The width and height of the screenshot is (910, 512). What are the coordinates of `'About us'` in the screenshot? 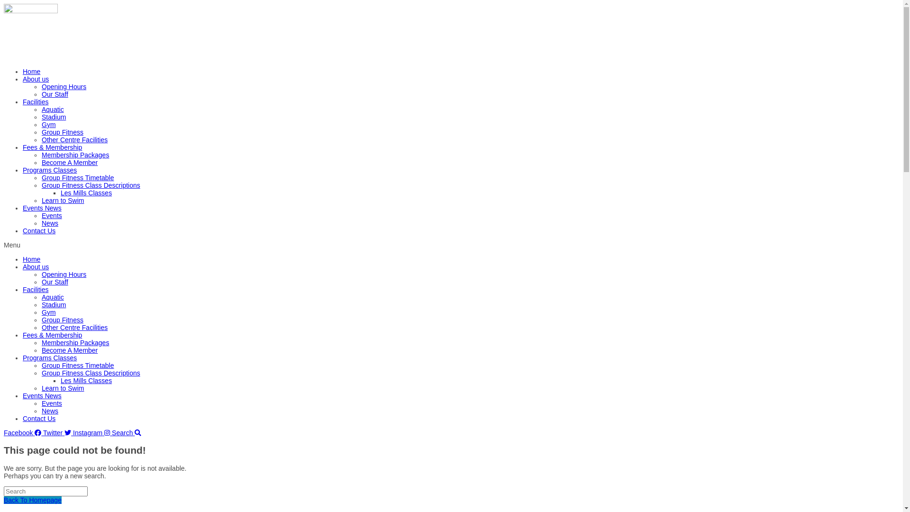 It's located at (36, 78).